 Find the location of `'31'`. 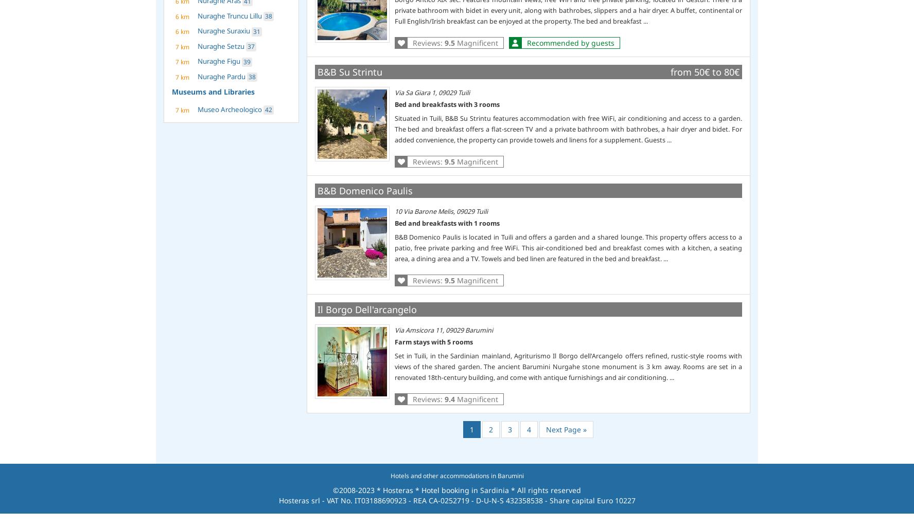

'31' is located at coordinates (256, 30).